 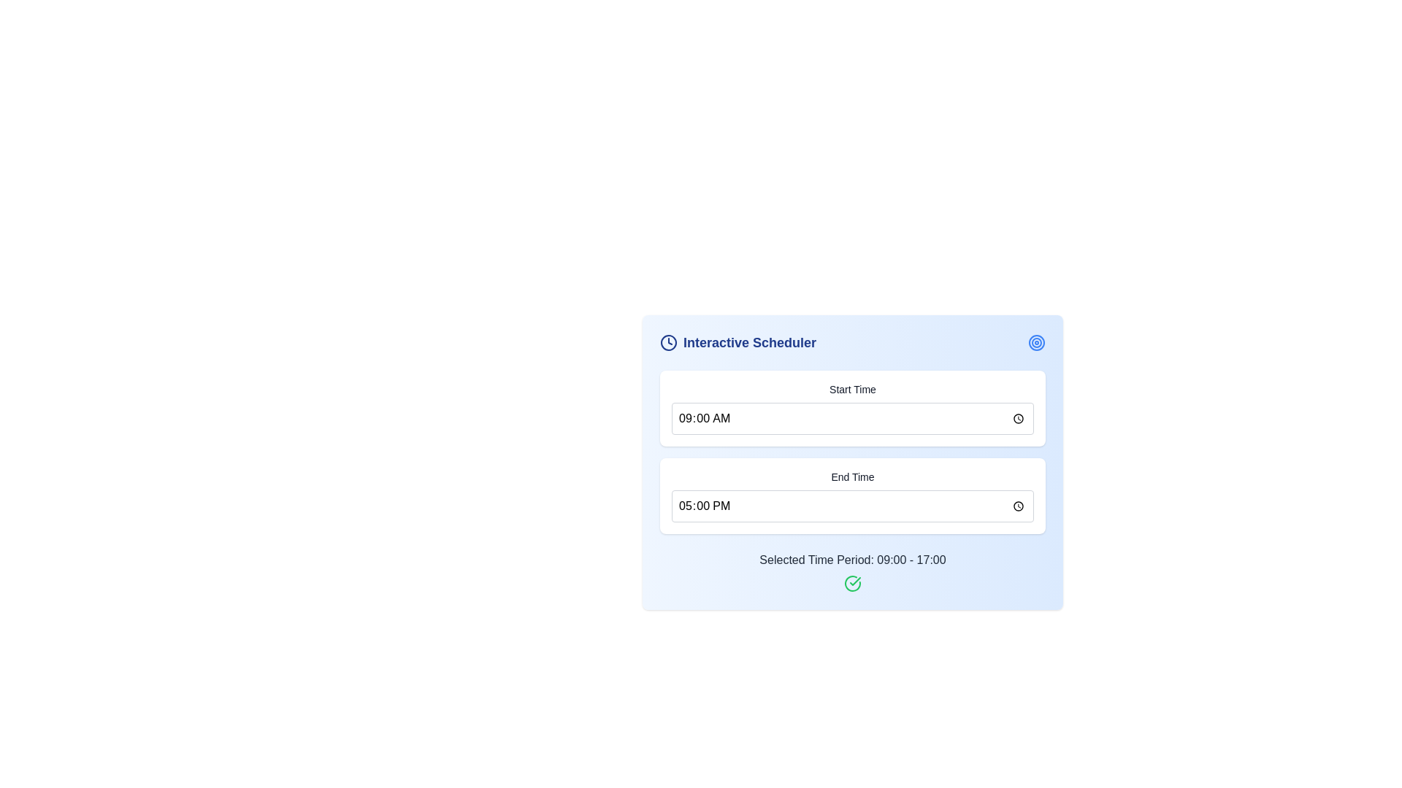 What do you see at coordinates (1036, 343) in the screenshot?
I see `the circular icon located in the top-right corner of the interface, which serves as the middle circle in a set of three concentric circles` at bounding box center [1036, 343].